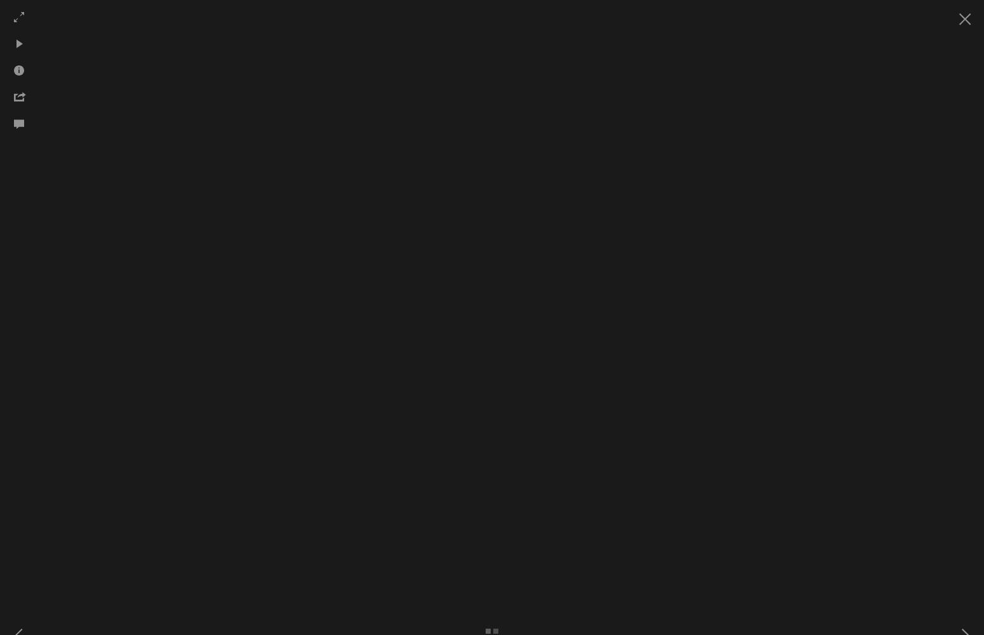  I want to click on 'Butterflies', so click(688, 137).